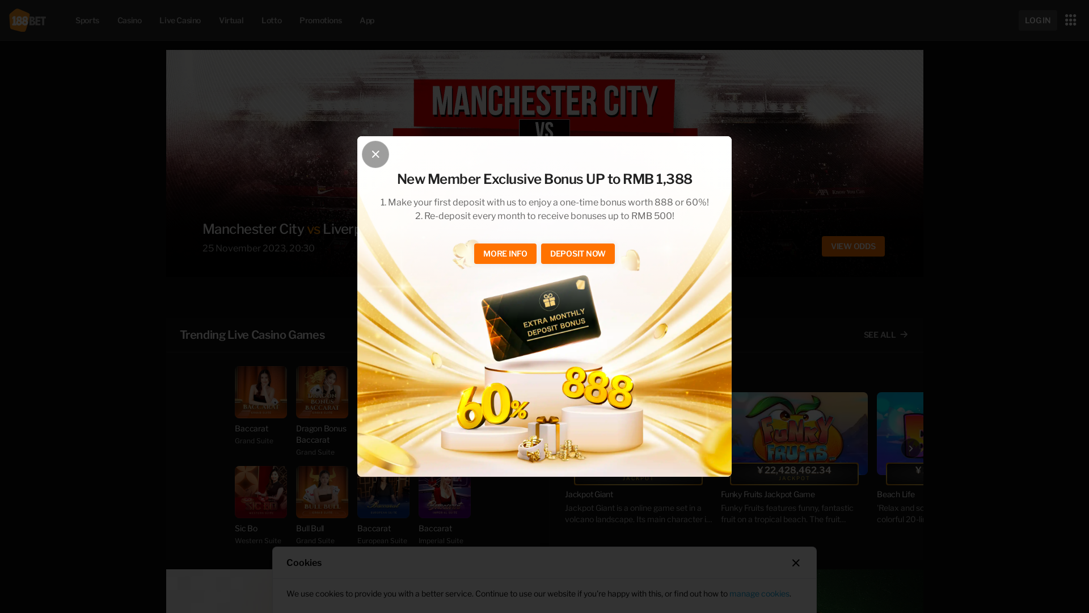 The width and height of the screenshot is (1089, 613). What do you see at coordinates (759, 593) in the screenshot?
I see `'manage cookies'` at bounding box center [759, 593].